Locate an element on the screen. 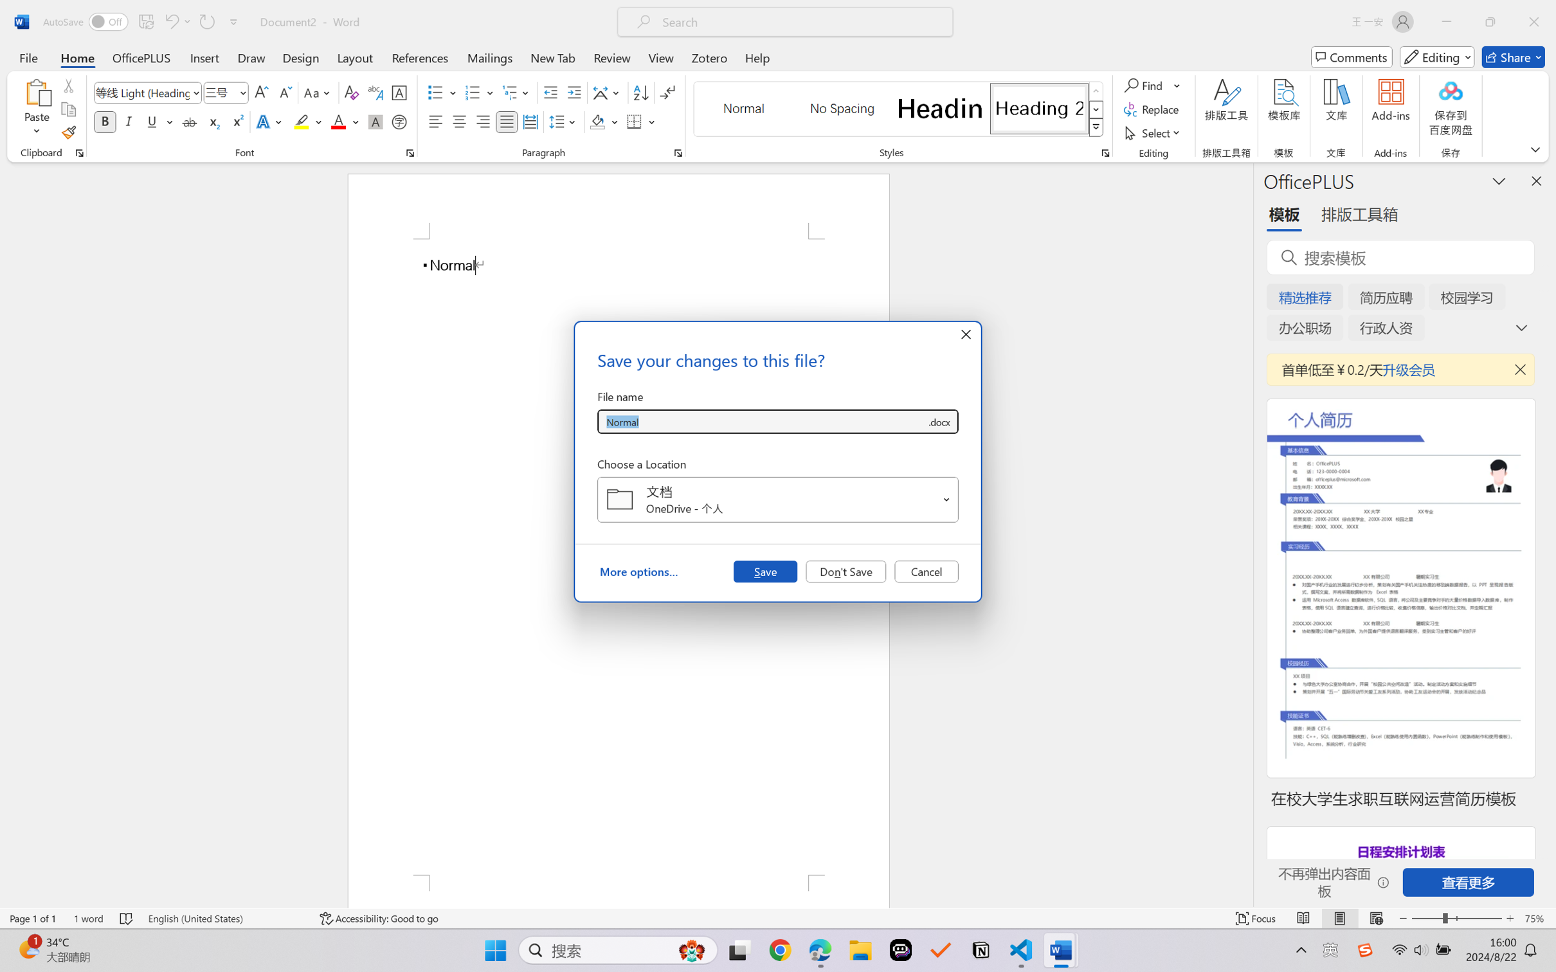 This screenshot has width=1556, height=972. 'Grow Font' is located at coordinates (261, 93).